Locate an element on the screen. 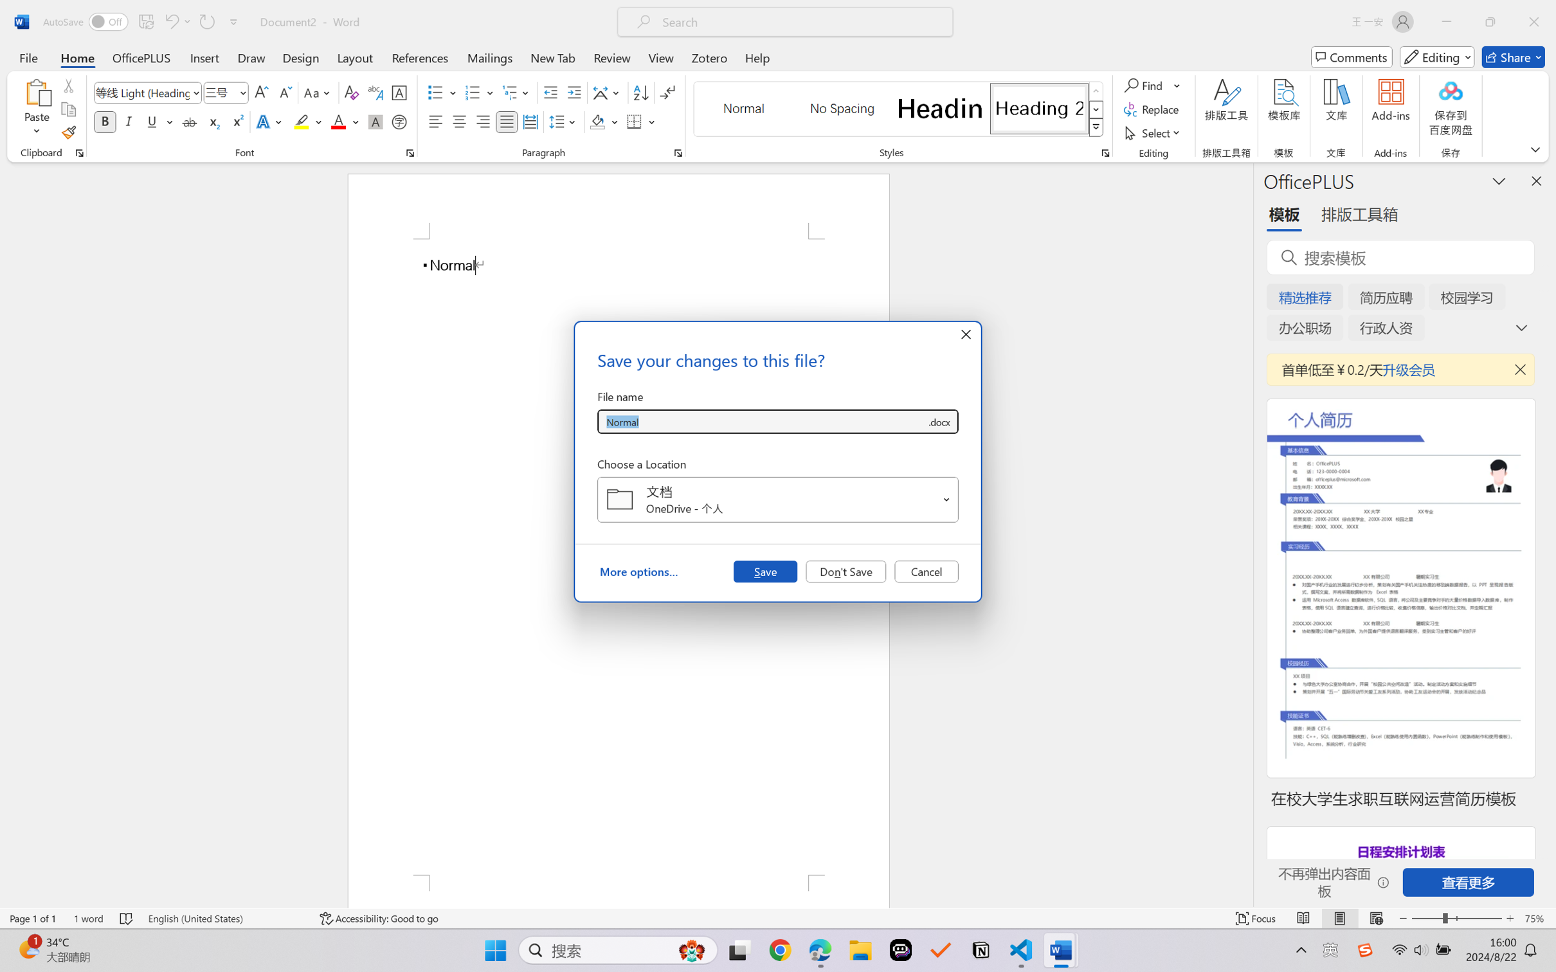 This screenshot has width=1556, height=972. 'Grow Font' is located at coordinates (261, 93).